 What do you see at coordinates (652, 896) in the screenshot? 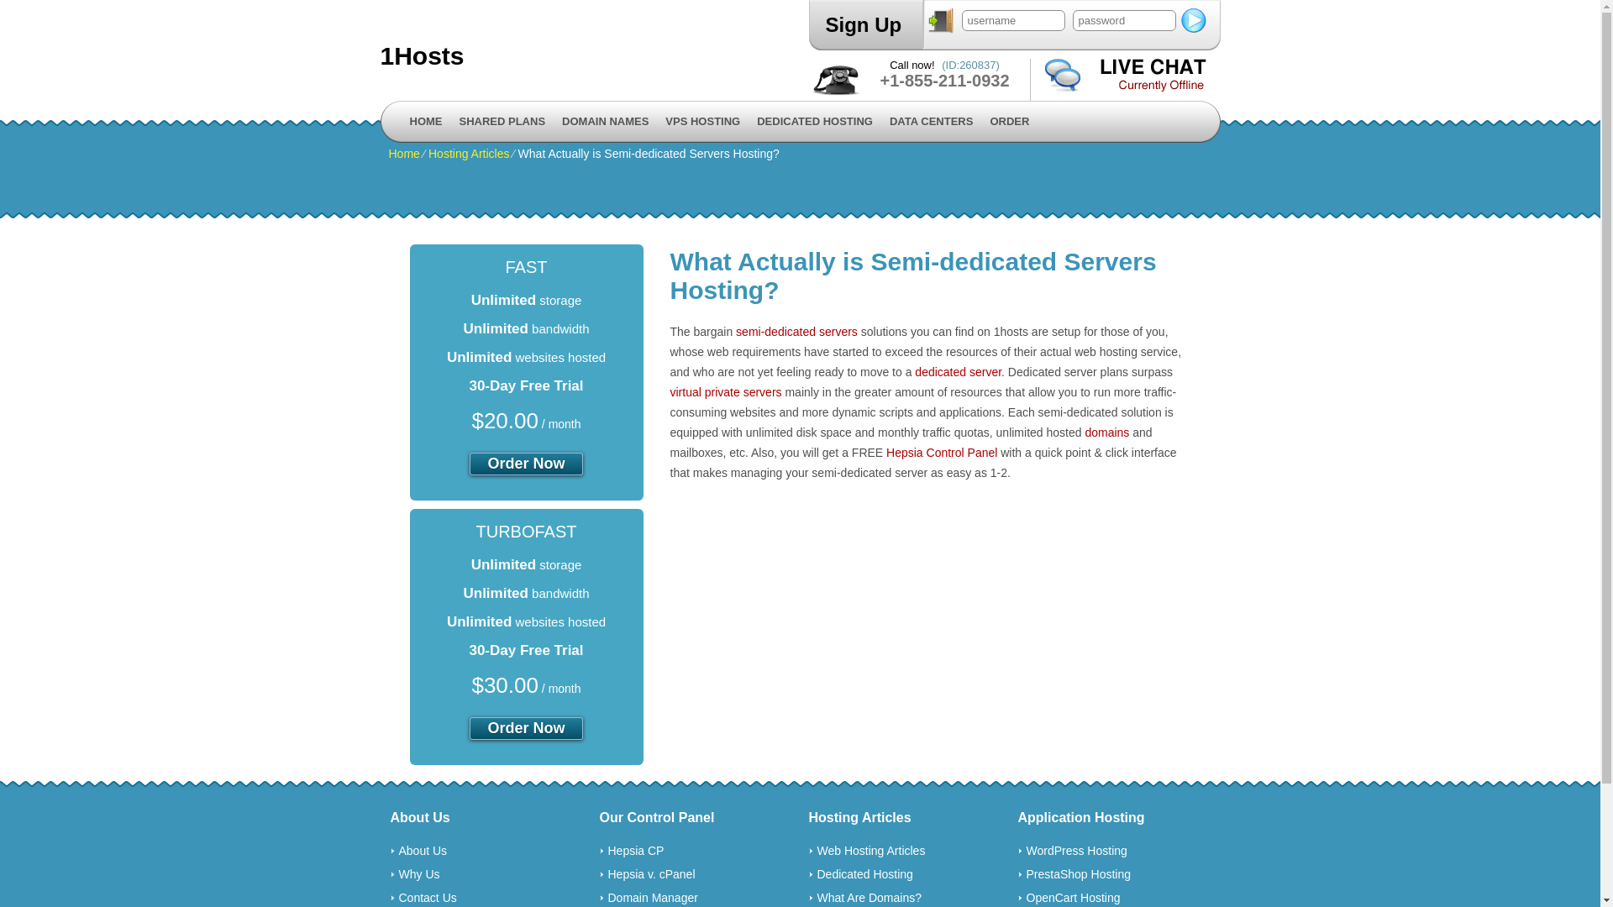
I see `'Domain Manager'` at bounding box center [652, 896].